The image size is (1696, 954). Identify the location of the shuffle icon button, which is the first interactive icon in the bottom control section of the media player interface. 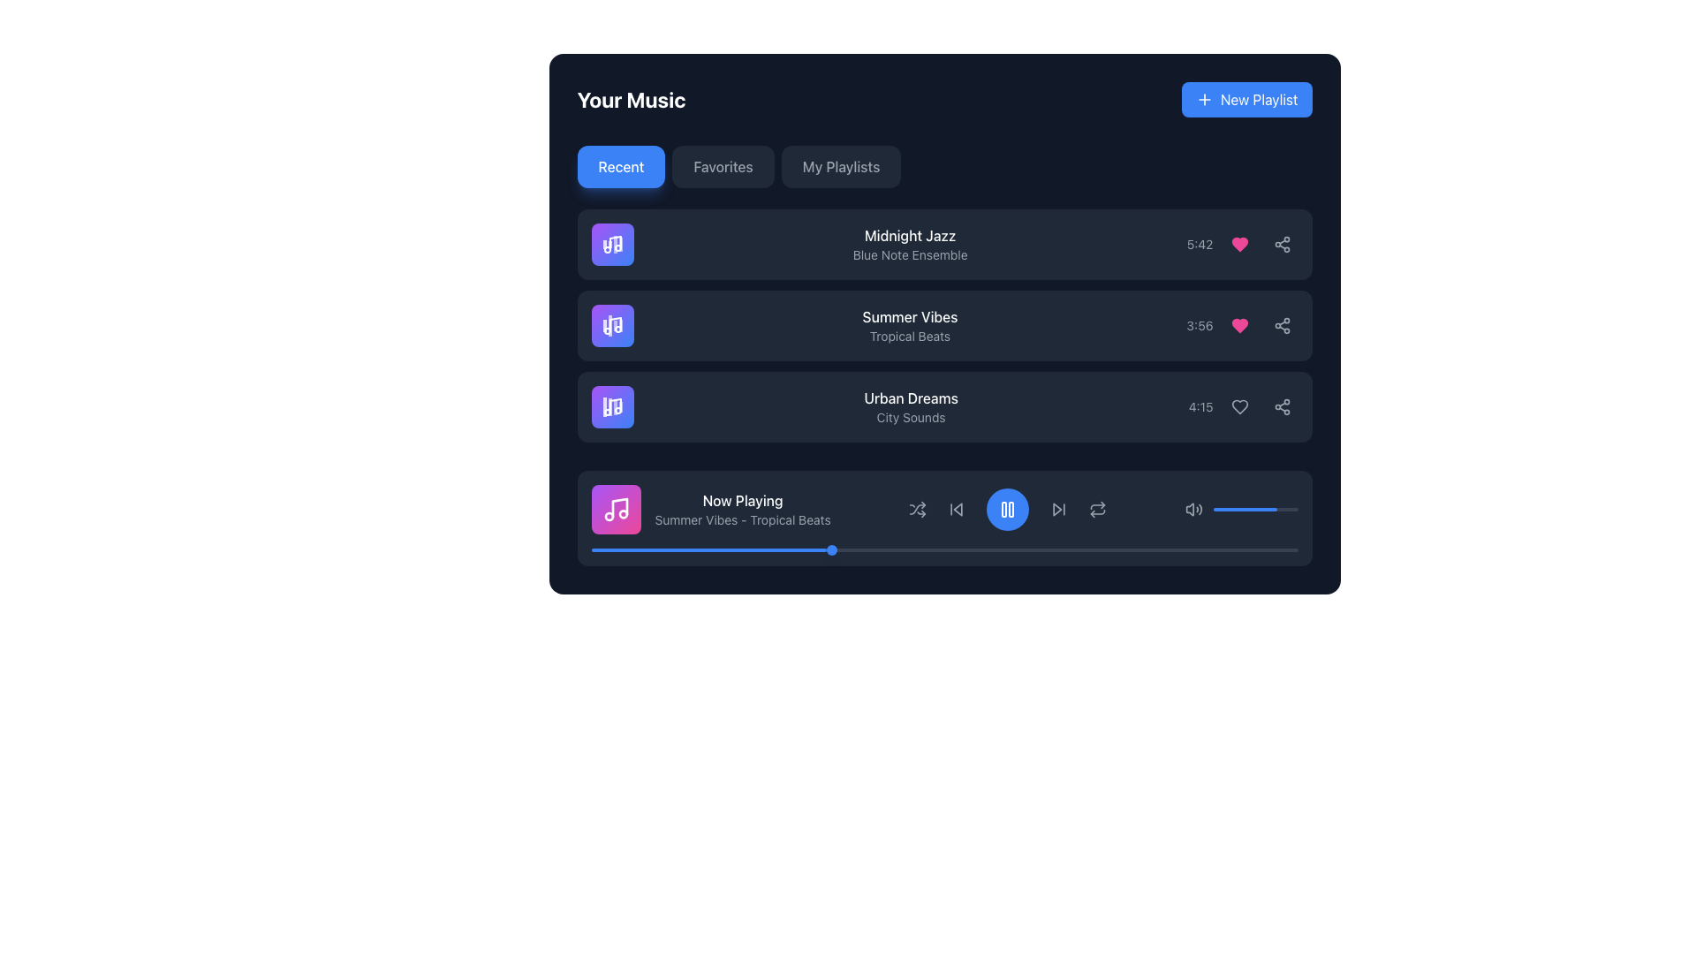
(918, 510).